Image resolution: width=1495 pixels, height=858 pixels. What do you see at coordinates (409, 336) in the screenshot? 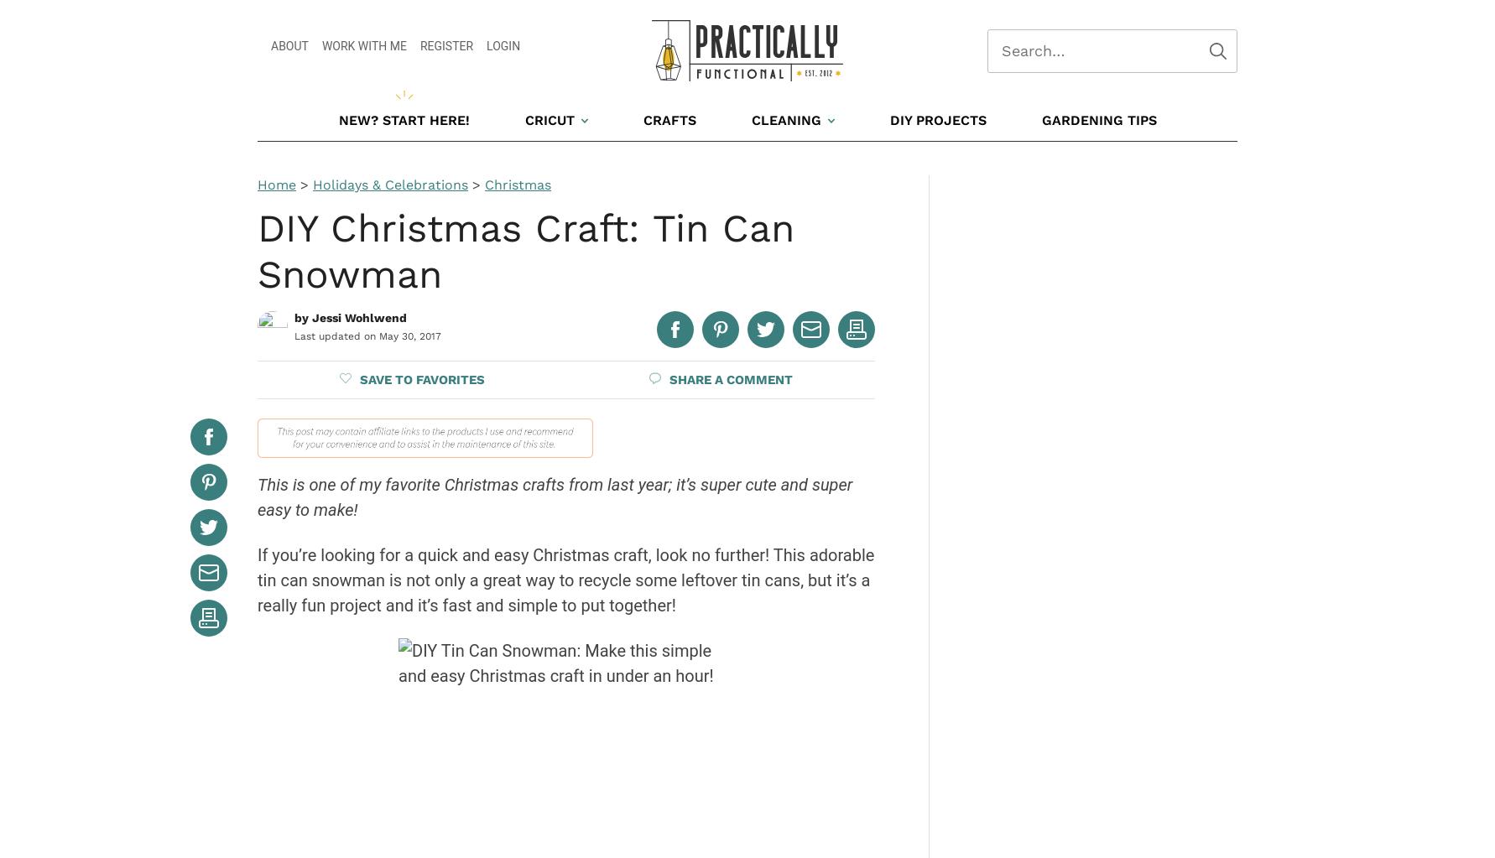
I see `'May 30, 2017'` at bounding box center [409, 336].